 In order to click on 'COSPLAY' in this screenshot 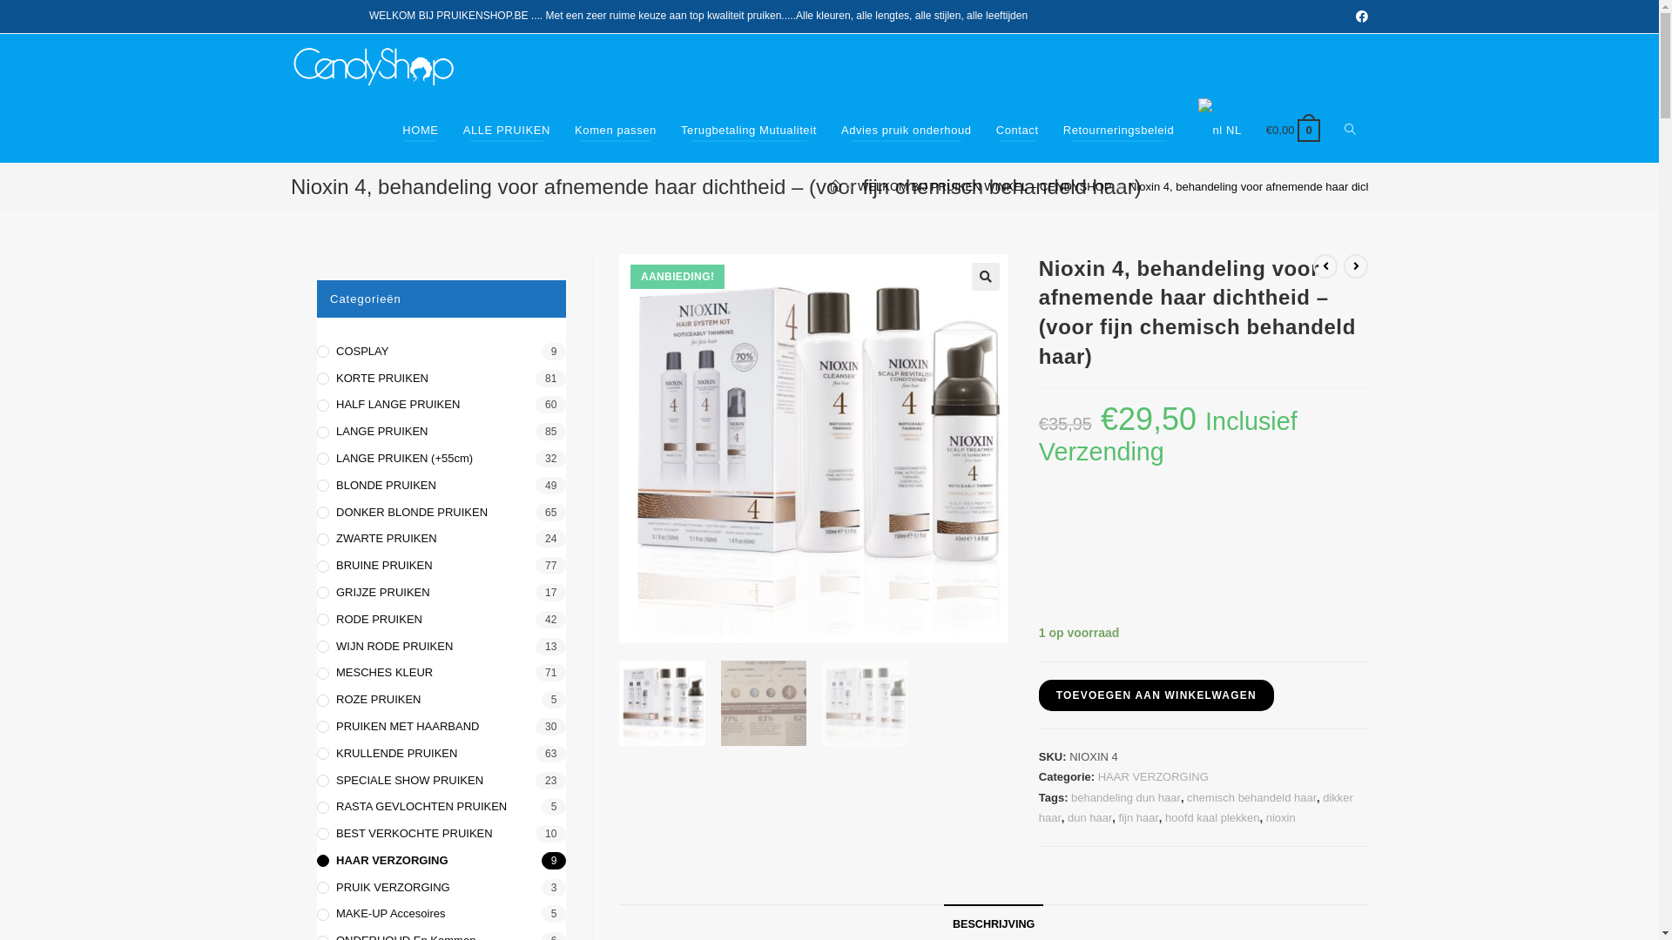, I will do `click(442, 352)`.